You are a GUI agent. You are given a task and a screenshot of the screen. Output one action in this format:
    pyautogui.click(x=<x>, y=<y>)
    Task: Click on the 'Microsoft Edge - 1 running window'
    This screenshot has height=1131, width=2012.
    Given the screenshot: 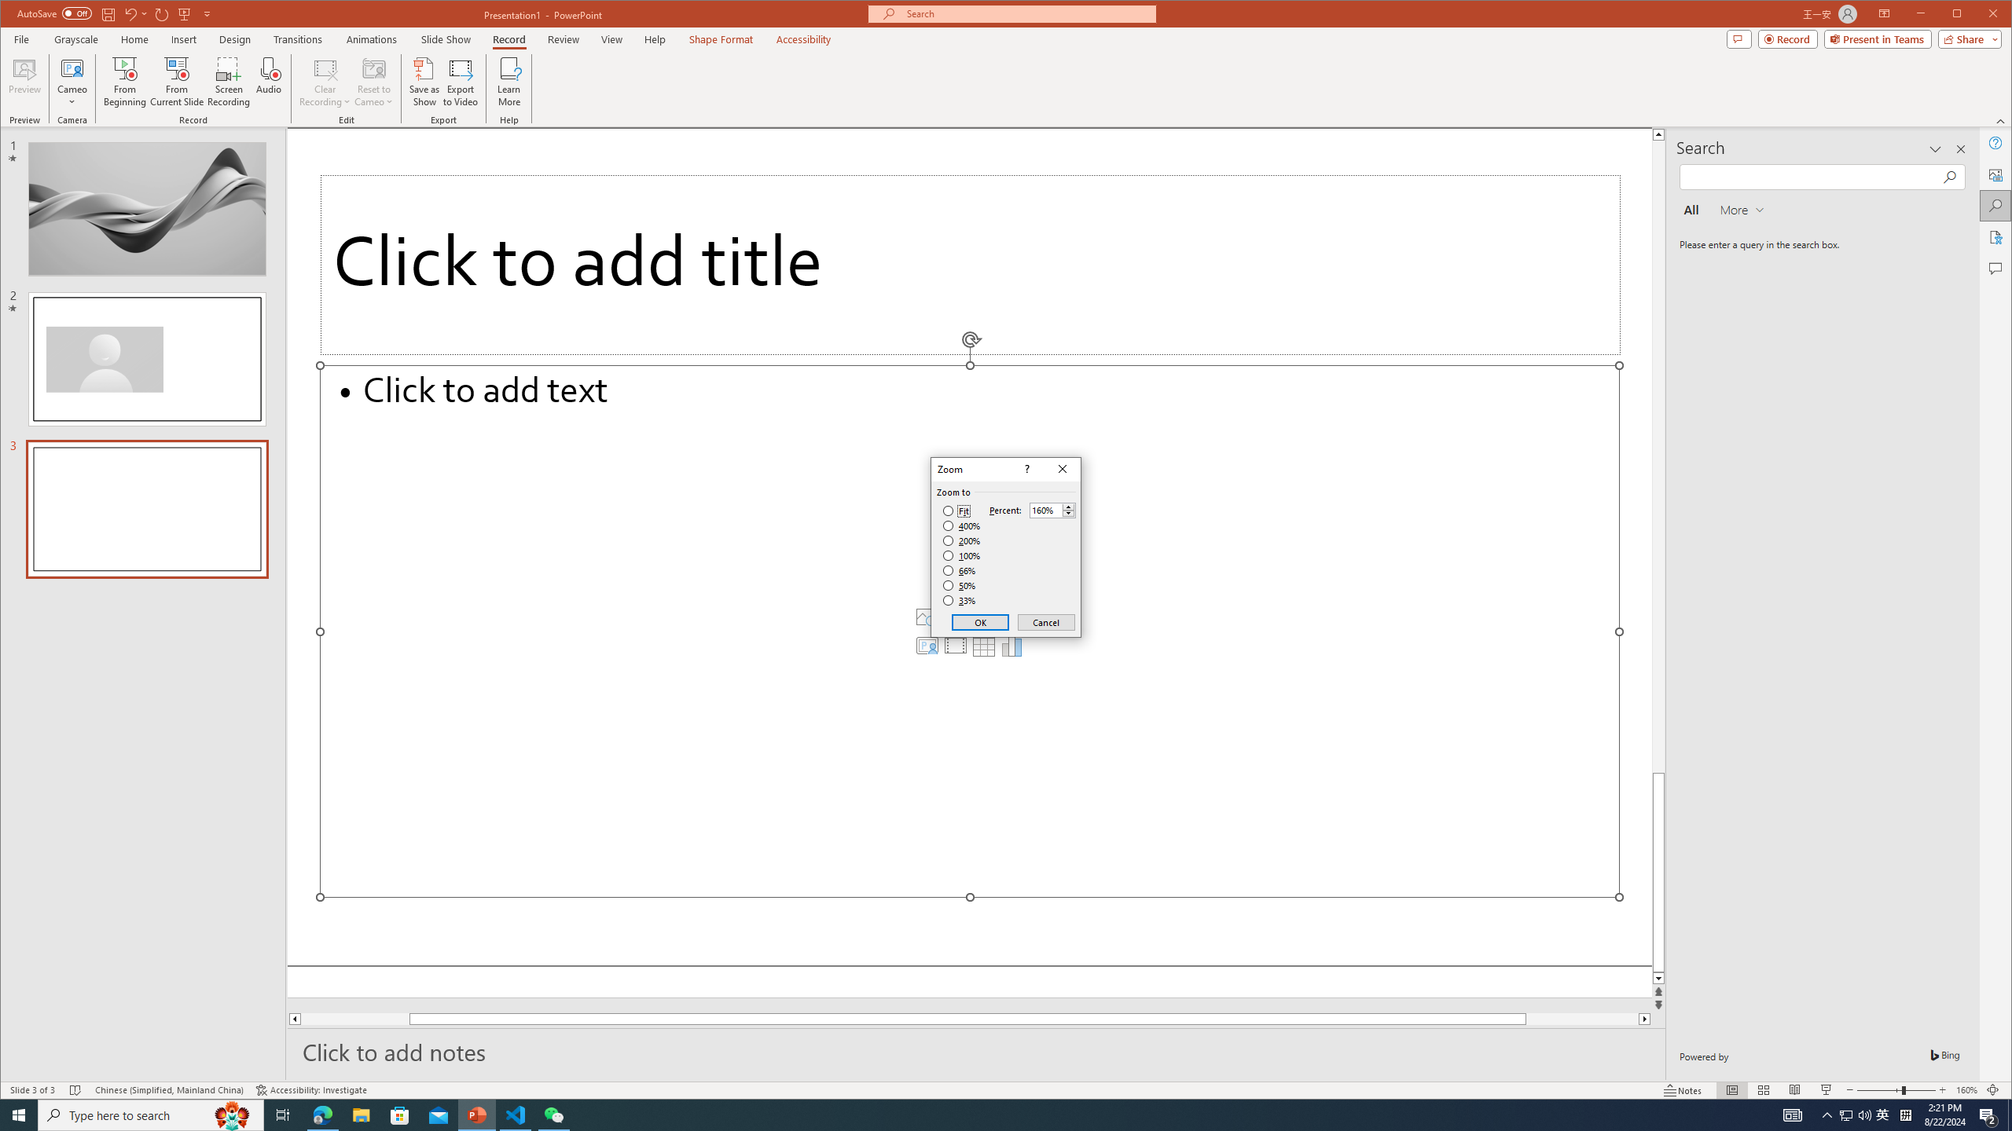 What is the action you would take?
    pyautogui.click(x=321, y=1114)
    